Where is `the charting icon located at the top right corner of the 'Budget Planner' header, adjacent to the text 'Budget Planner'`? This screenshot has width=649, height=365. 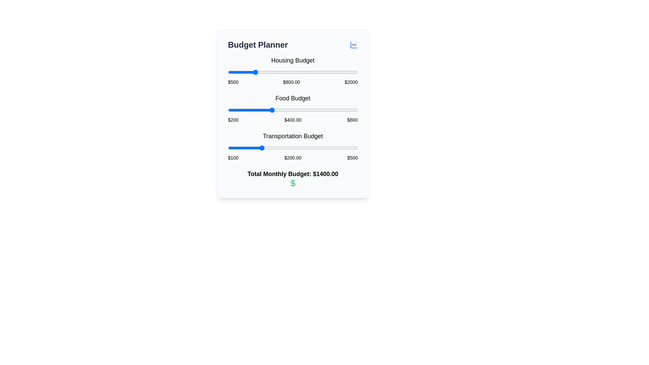
the charting icon located at the top right corner of the 'Budget Planner' header, adjacent to the text 'Budget Planner' is located at coordinates (353, 45).